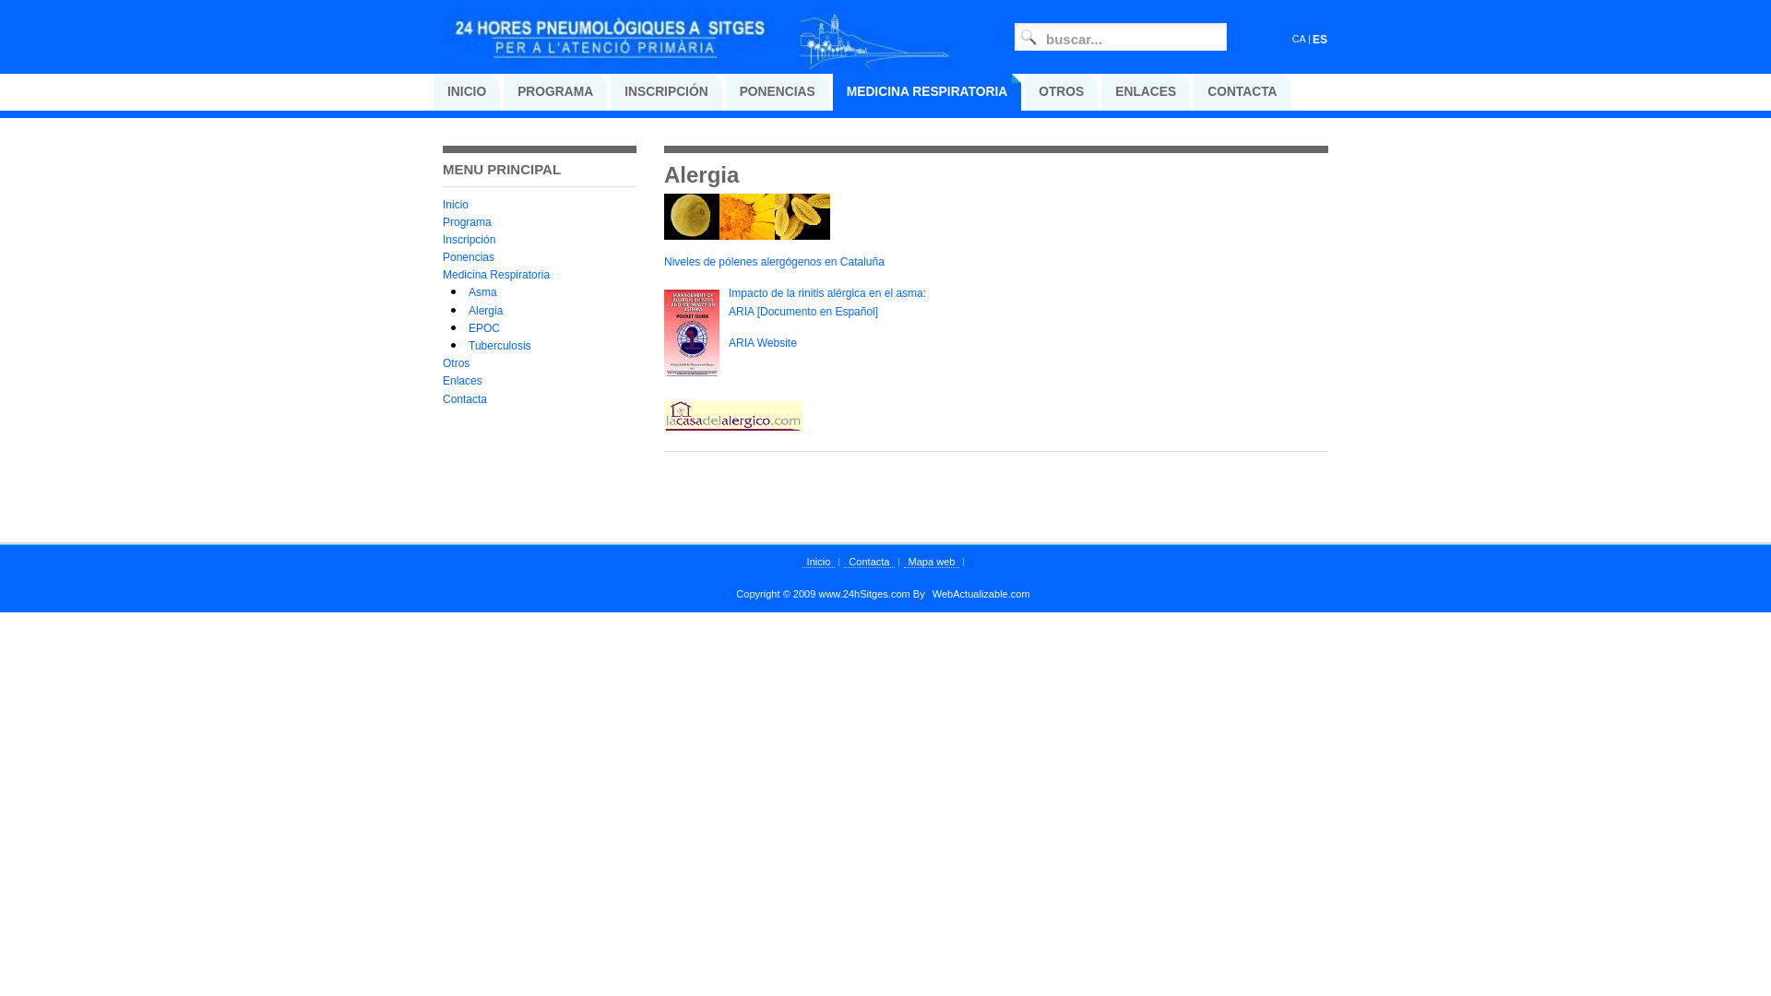 This screenshot has height=996, width=1771. I want to click on 'MEDICINA RESPIRATORIA', so click(927, 92).